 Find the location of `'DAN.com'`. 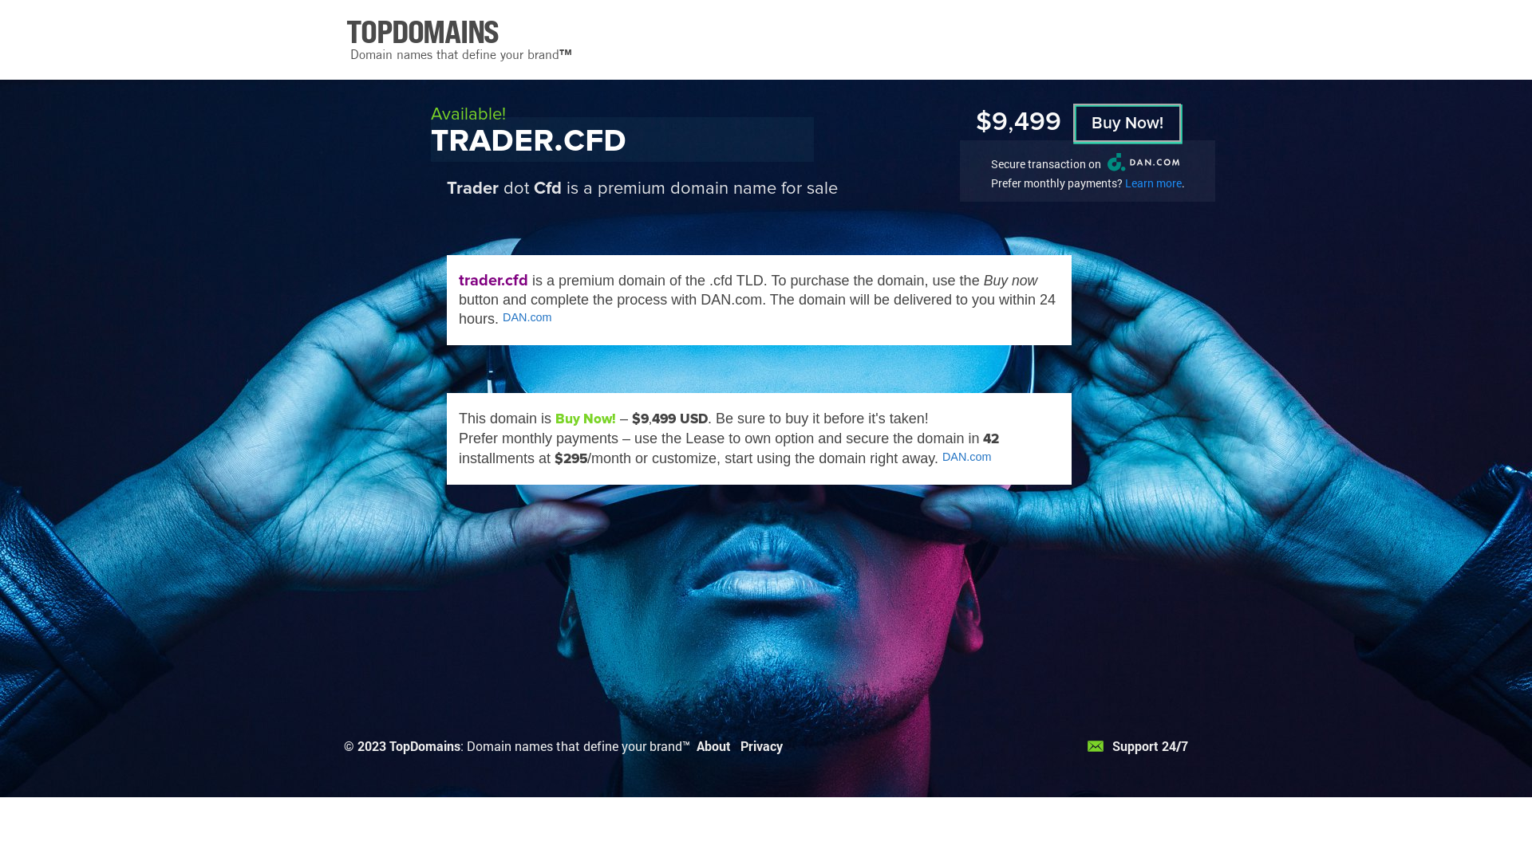

'DAN.com' is located at coordinates (965, 457).